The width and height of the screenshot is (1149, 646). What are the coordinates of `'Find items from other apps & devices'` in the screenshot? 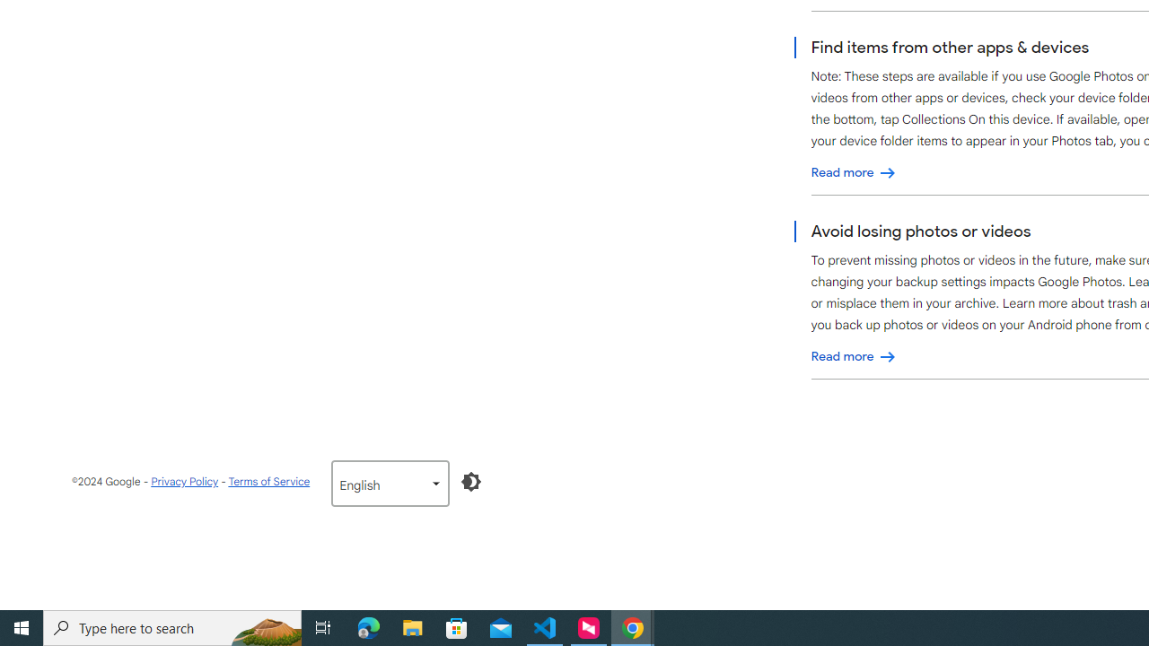 It's located at (853, 172).